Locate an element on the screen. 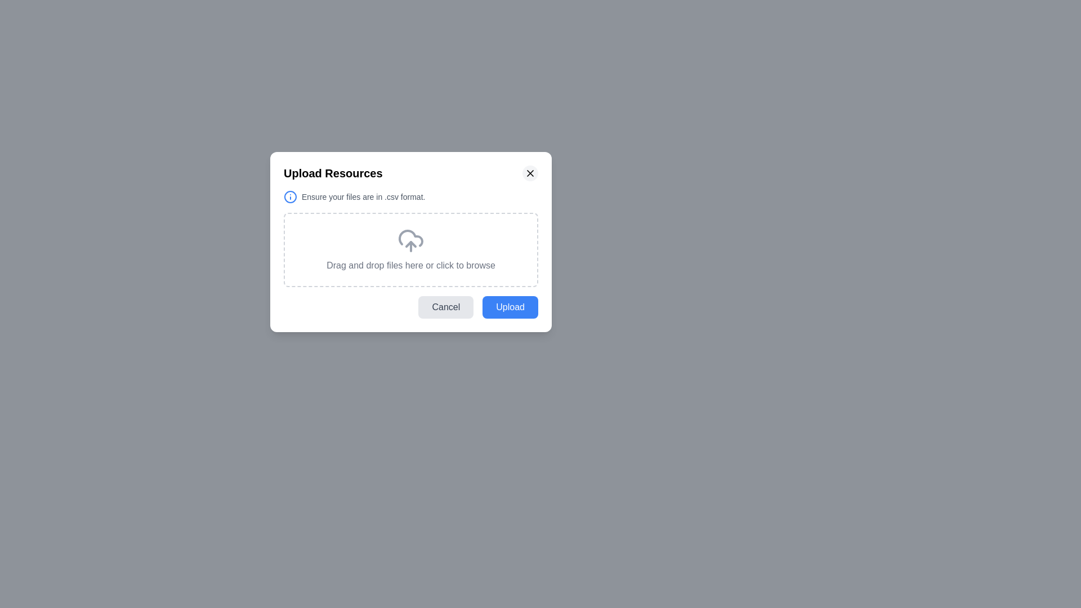  the File upload prompt within the 'Upload Resources' modal is located at coordinates (410, 238).